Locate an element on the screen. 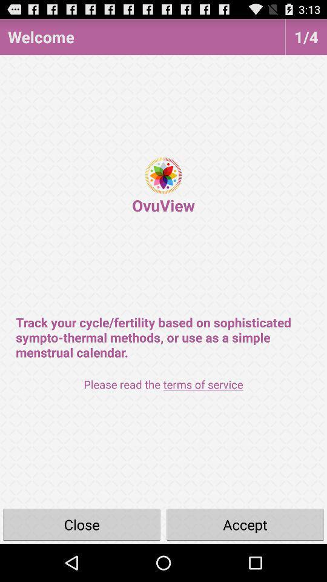 This screenshot has width=327, height=582. please read the app is located at coordinates (163, 384).